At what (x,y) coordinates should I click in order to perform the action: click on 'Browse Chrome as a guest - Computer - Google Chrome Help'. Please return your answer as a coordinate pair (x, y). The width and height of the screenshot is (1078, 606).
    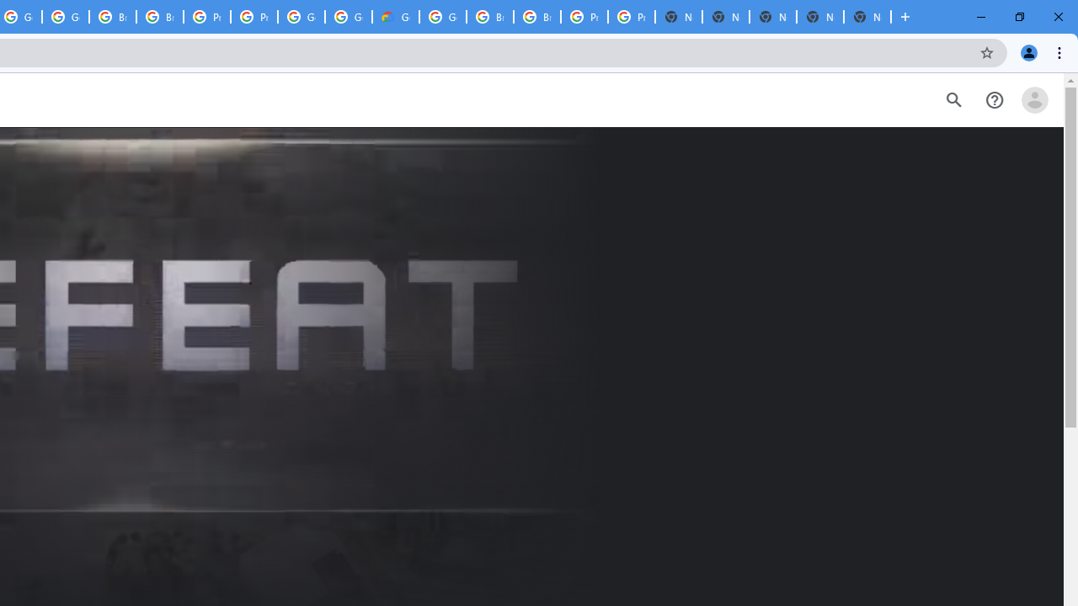
    Looking at the image, I should click on (489, 17).